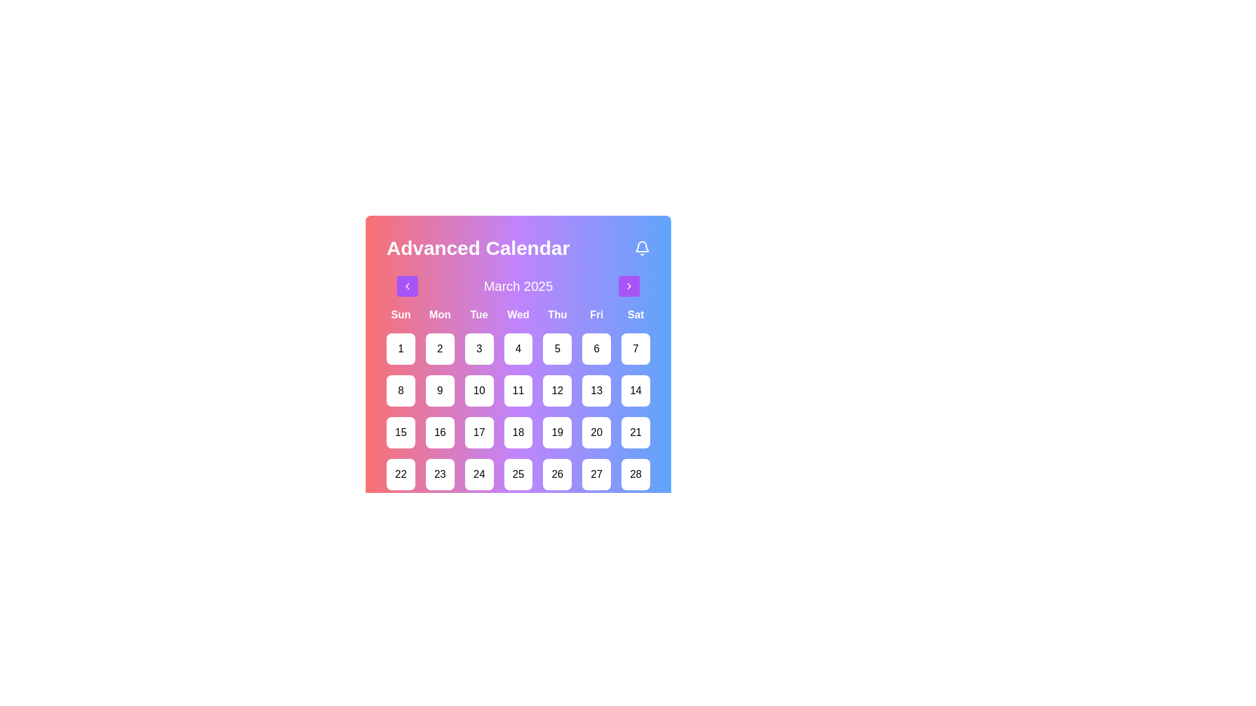 Image resolution: width=1256 pixels, height=706 pixels. I want to click on the calendar day cell for the 18th, which is a square-shaped cell with a white background and the number '18' in black text, so click(517, 433).